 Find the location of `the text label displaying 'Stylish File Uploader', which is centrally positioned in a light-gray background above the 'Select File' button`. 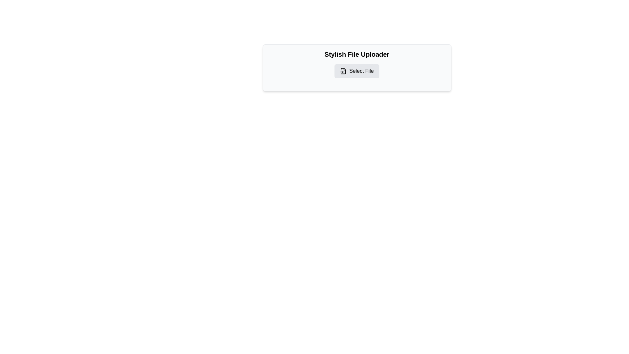

the text label displaying 'Stylish File Uploader', which is centrally positioned in a light-gray background above the 'Select File' button is located at coordinates (356, 54).